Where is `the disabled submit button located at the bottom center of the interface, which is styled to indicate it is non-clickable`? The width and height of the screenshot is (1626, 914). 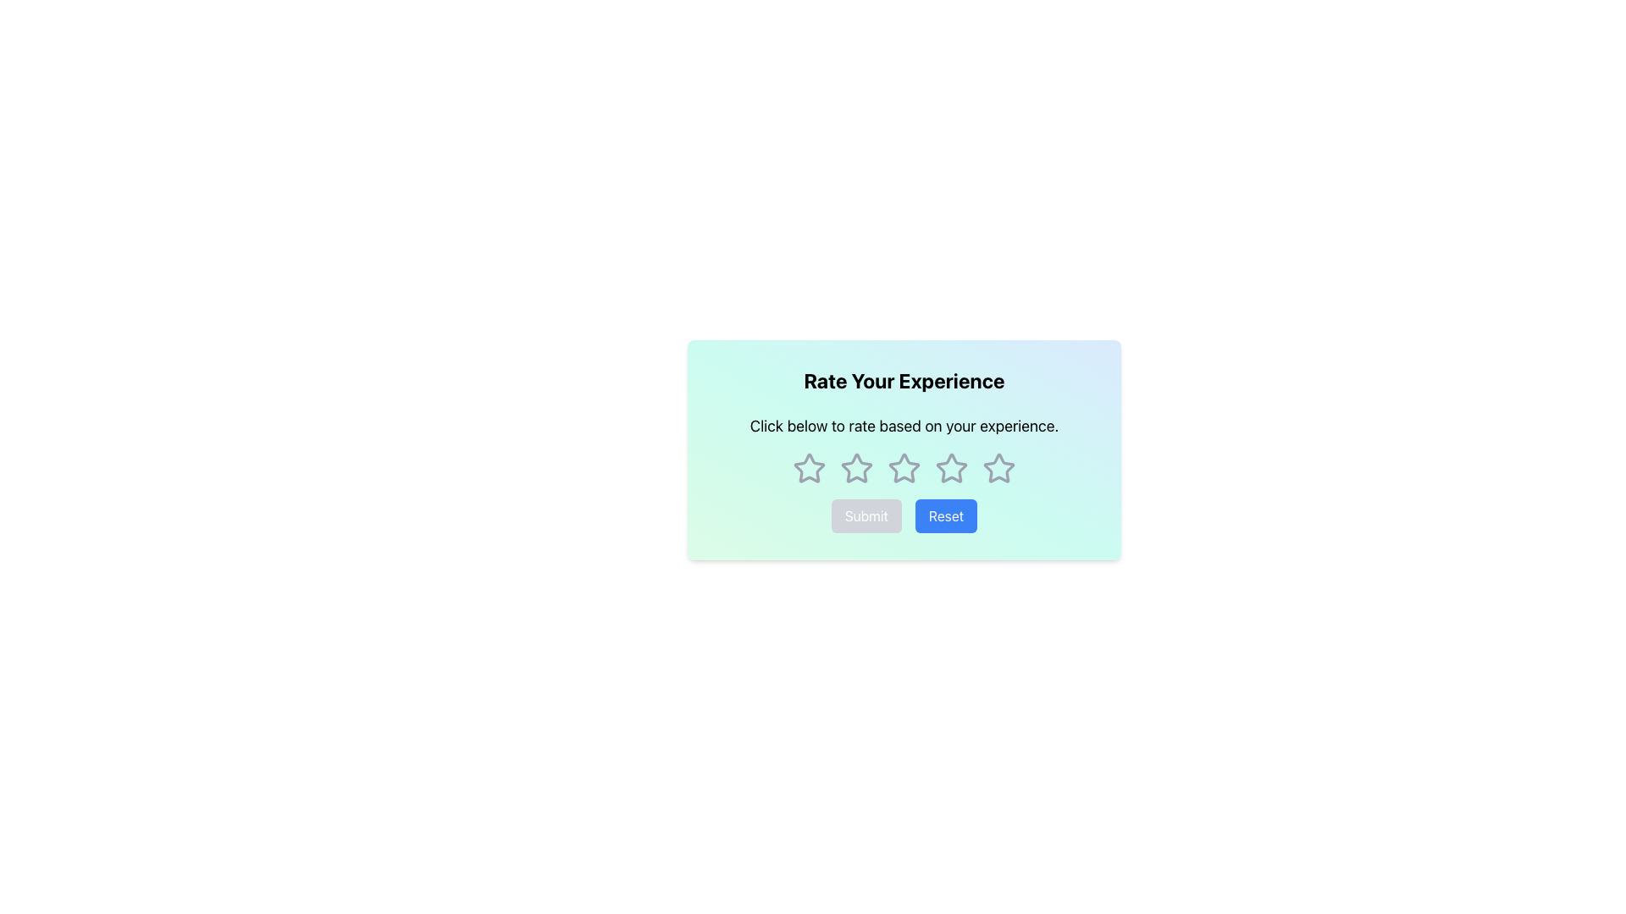
the disabled submit button located at the bottom center of the interface, which is styled to indicate it is non-clickable is located at coordinates (866, 515).